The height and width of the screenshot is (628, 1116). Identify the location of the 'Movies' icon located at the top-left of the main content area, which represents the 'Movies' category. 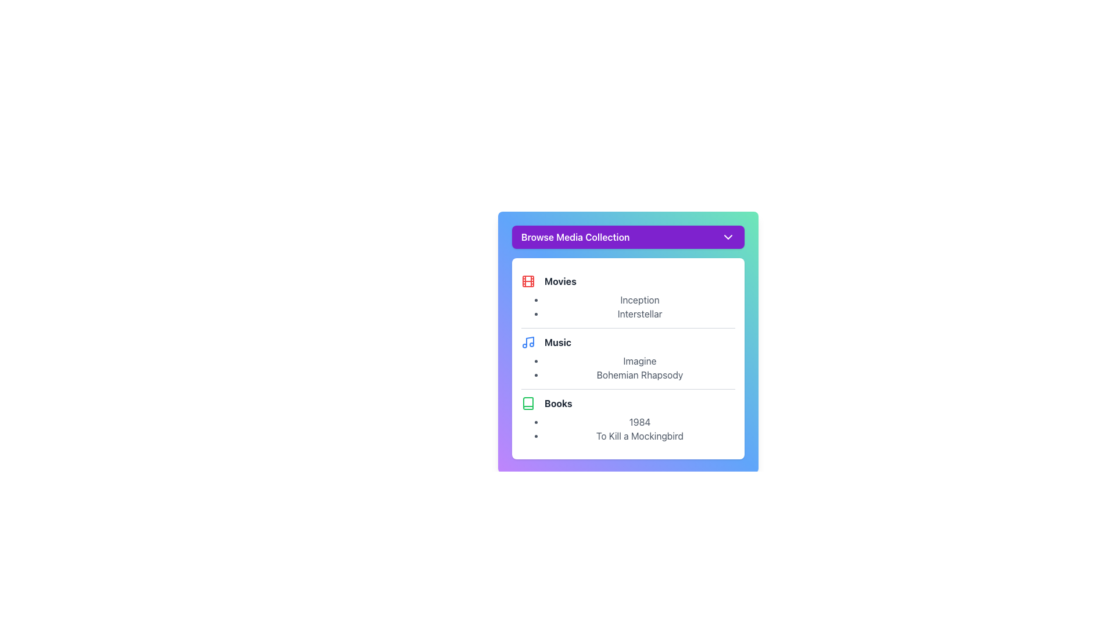
(527, 281).